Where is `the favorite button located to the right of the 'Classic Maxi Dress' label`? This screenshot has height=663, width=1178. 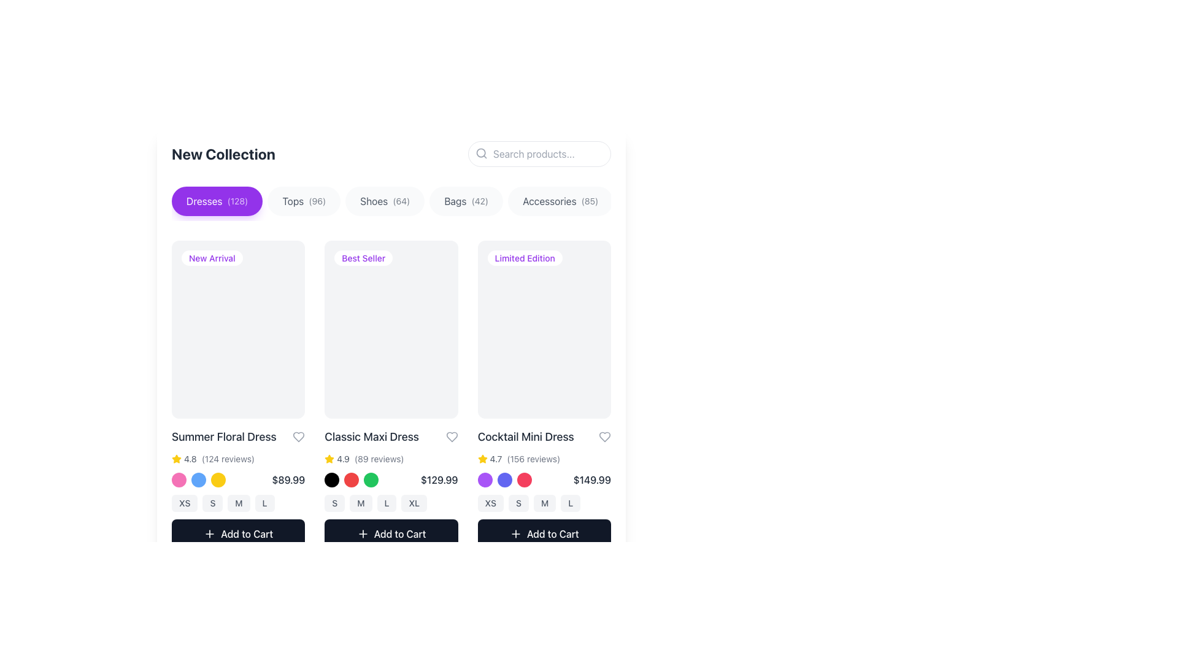 the favorite button located to the right of the 'Classic Maxi Dress' label is located at coordinates (451, 436).